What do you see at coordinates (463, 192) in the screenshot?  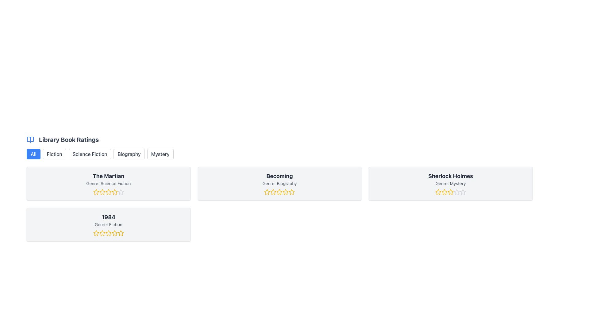 I see `the fourth star in the five-star rating system for the book 'Sherlock Holmes'` at bounding box center [463, 192].